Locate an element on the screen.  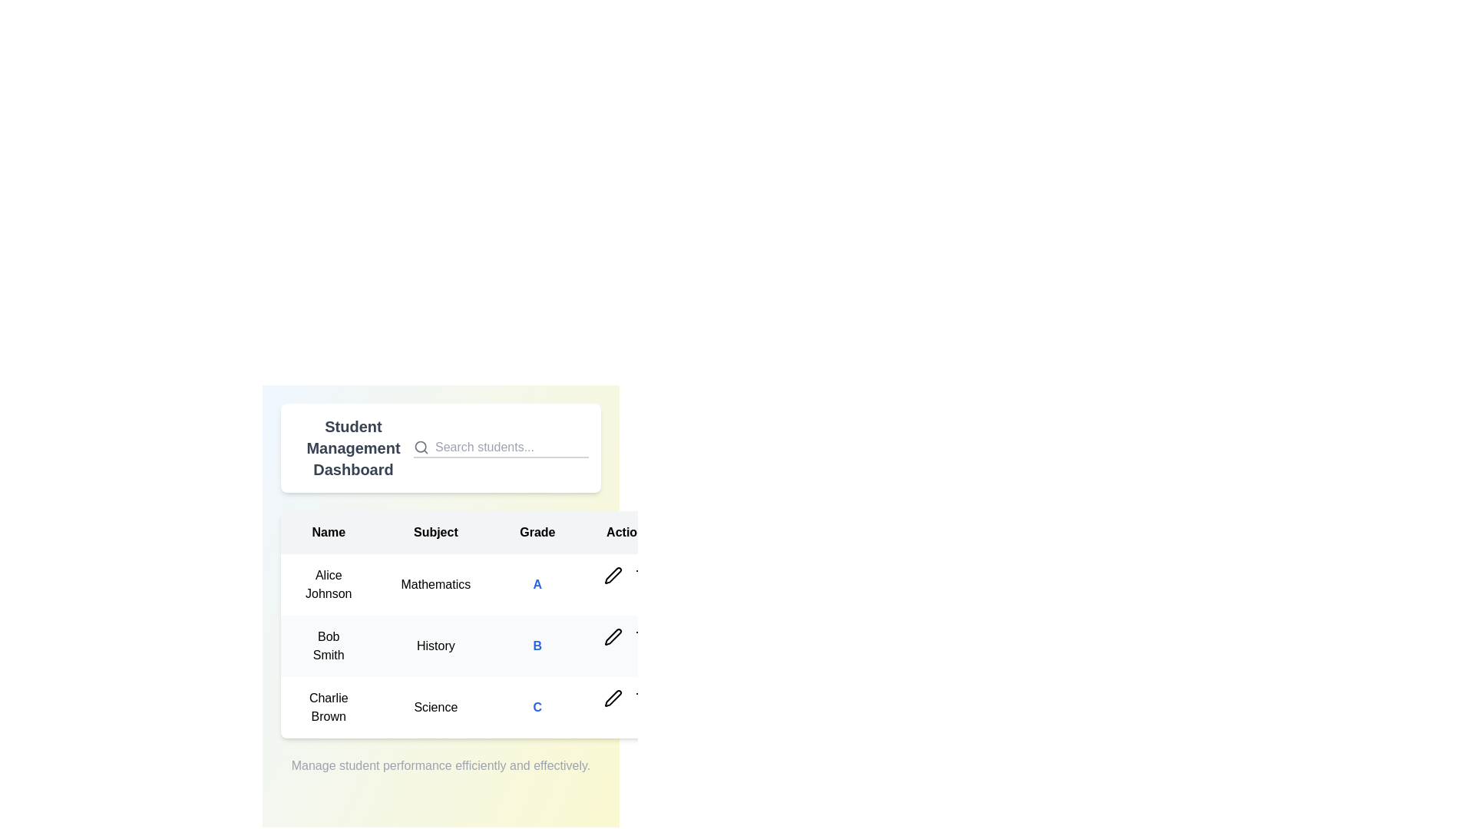
the 'Subject' text label in the table header, which is the second column header between 'Name' and 'Grade' is located at coordinates (435, 532).